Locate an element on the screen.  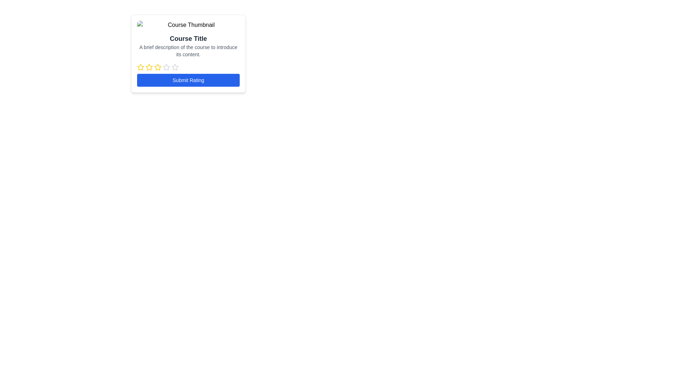
the 'Submit Rating' button, which has a blue background and white text, located at the bottom of the card layout is located at coordinates (188, 80).